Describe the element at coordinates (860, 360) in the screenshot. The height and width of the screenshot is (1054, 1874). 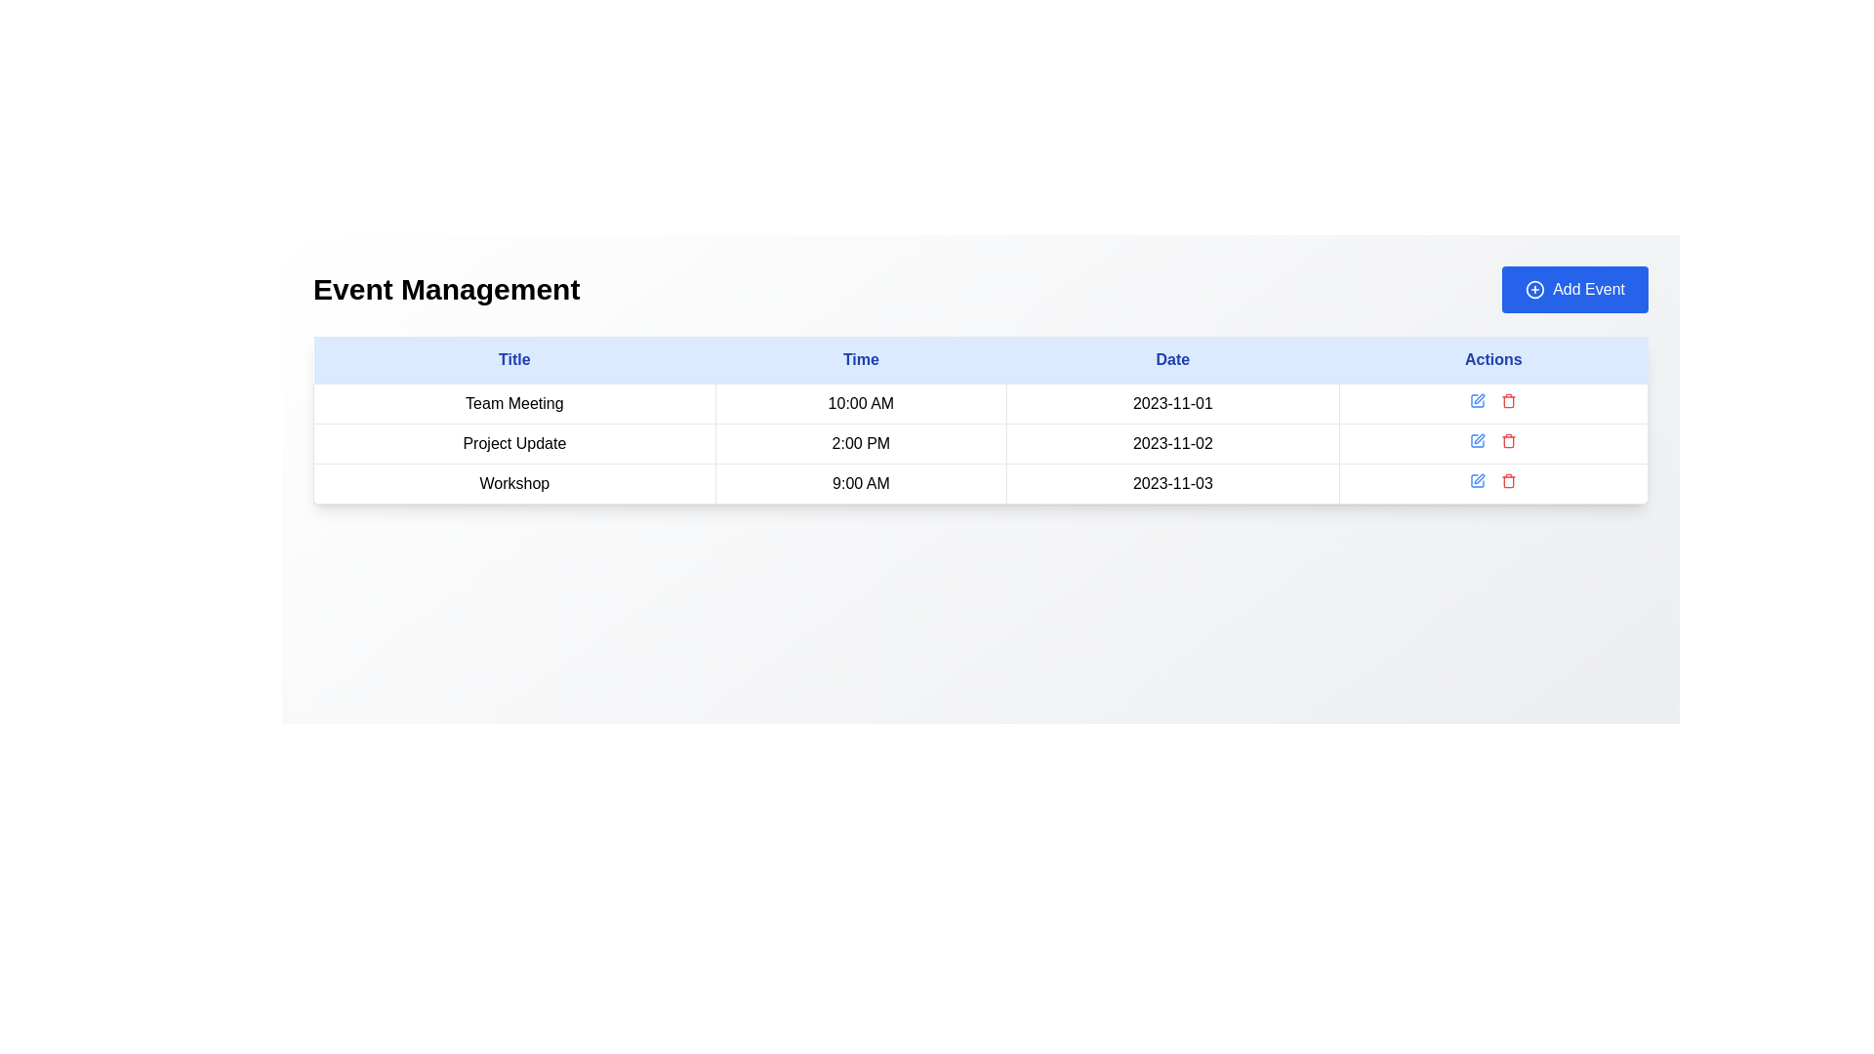
I see `properties of the 'Time' header text label, which is the second header in a table row, located between 'Title' and 'Date'` at that location.